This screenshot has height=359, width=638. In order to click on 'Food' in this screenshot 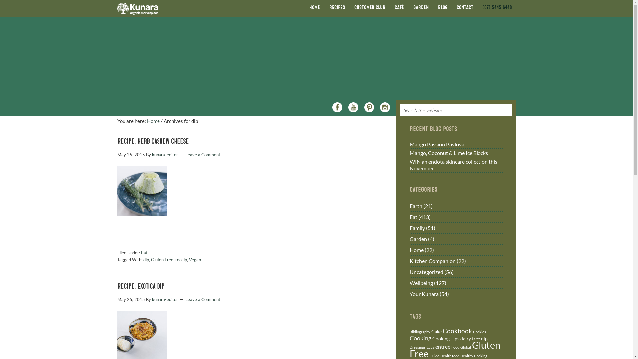, I will do `click(455, 347)`.